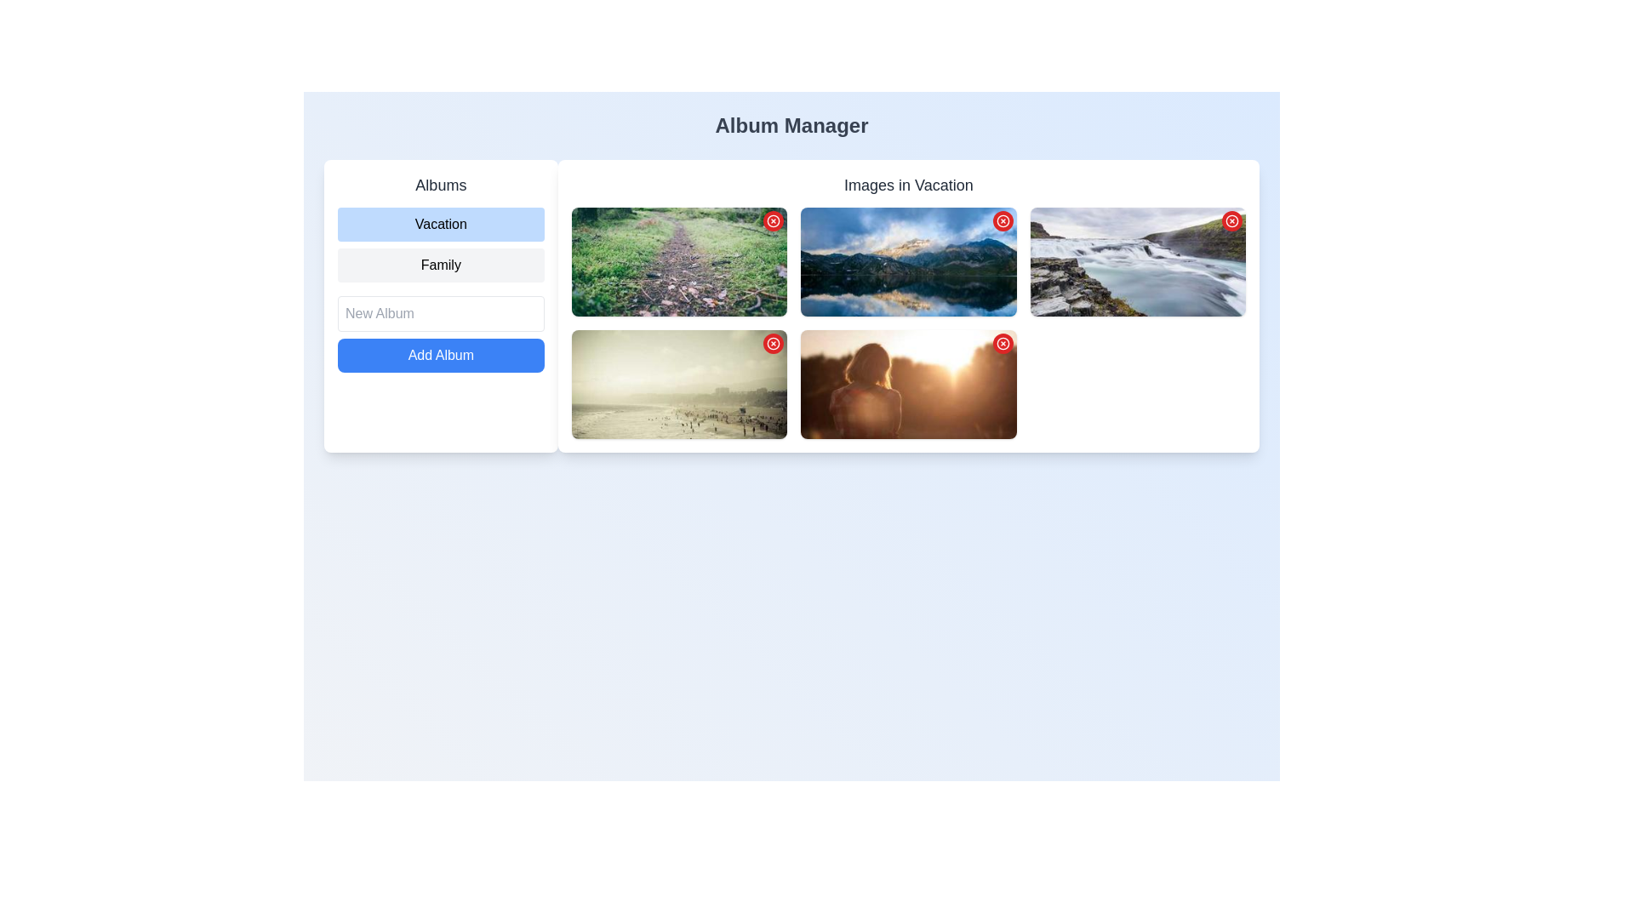 Image resolution: width=1634 pixels, height=919 pixels. What do you see at coordinates (1232, 220) in the screenshot?
I see `the close button icon, which is a small circular red icon with a white 'X' inside, located at the top-right corner of the second image in the 'Images in Vacation' section` at bounding box center [1232, 220].